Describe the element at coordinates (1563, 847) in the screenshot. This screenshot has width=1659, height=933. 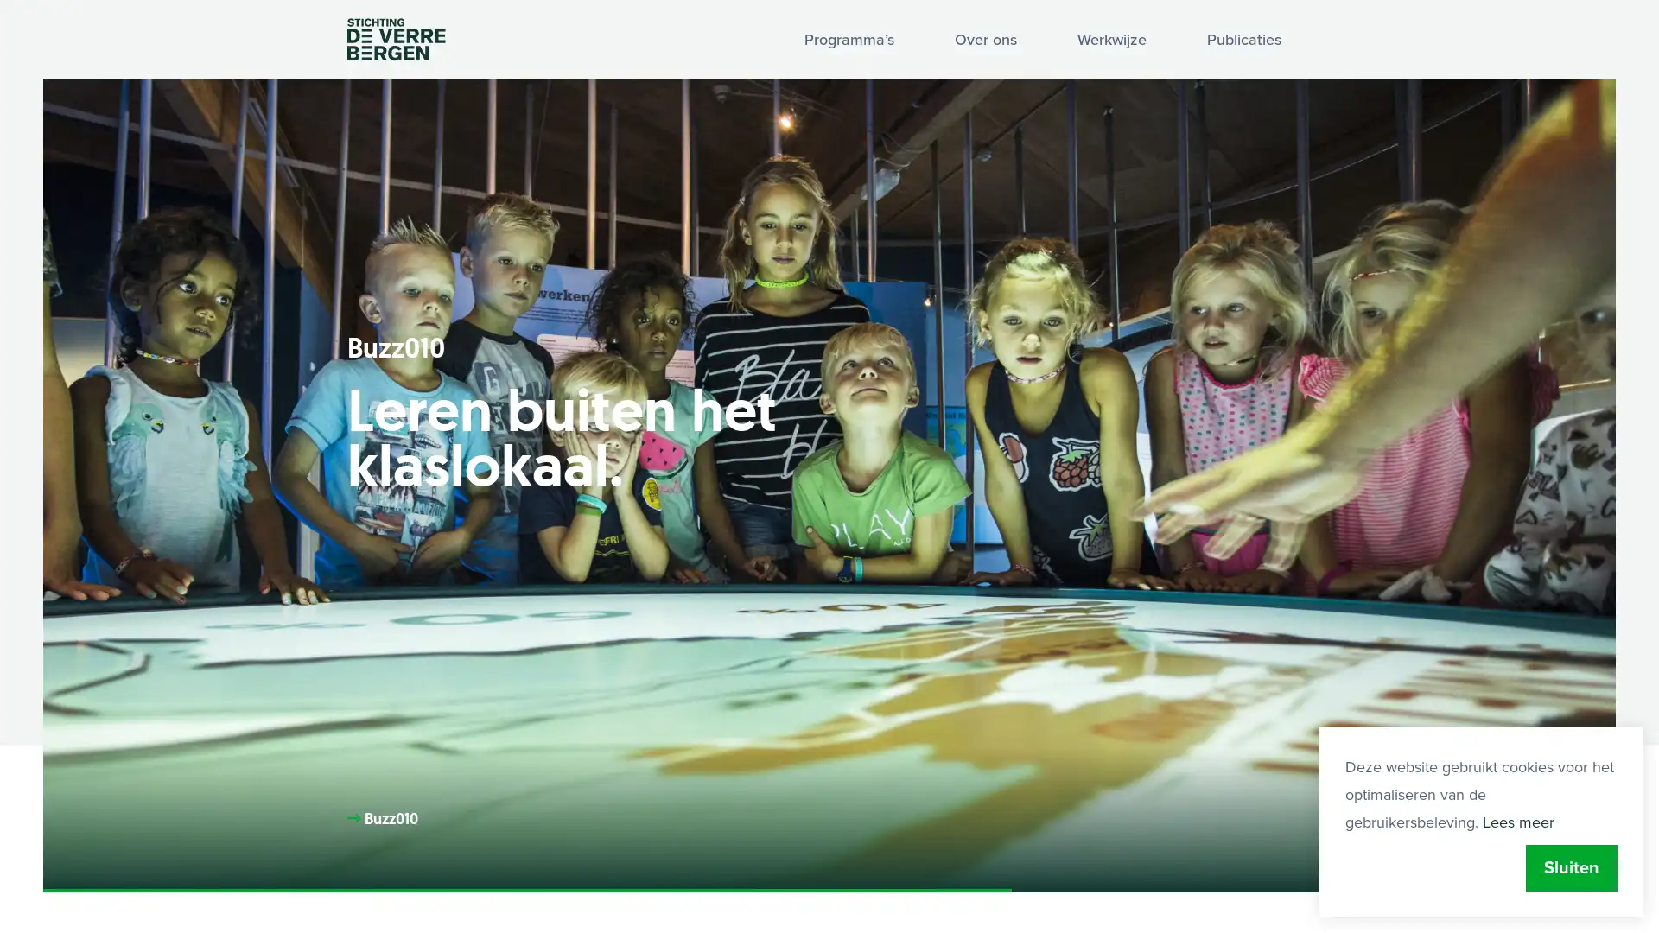
I see `Next` at that location.